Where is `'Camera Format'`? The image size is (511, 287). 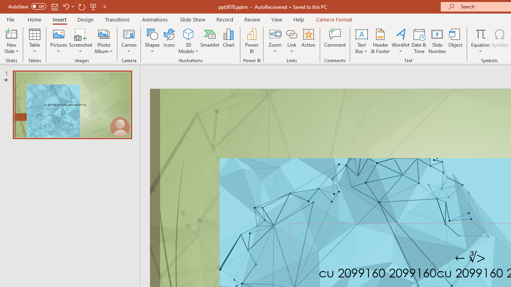 'Camera Format' is located at coordinates (334, 19).